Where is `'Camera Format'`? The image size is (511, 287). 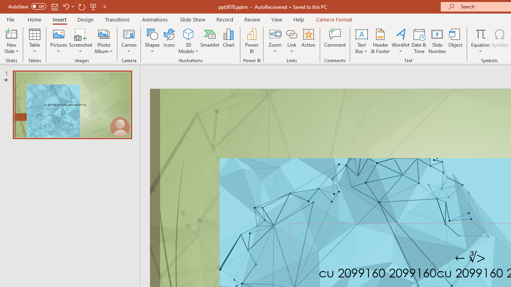 'Camera Format' is located at coordinates (334, 19).